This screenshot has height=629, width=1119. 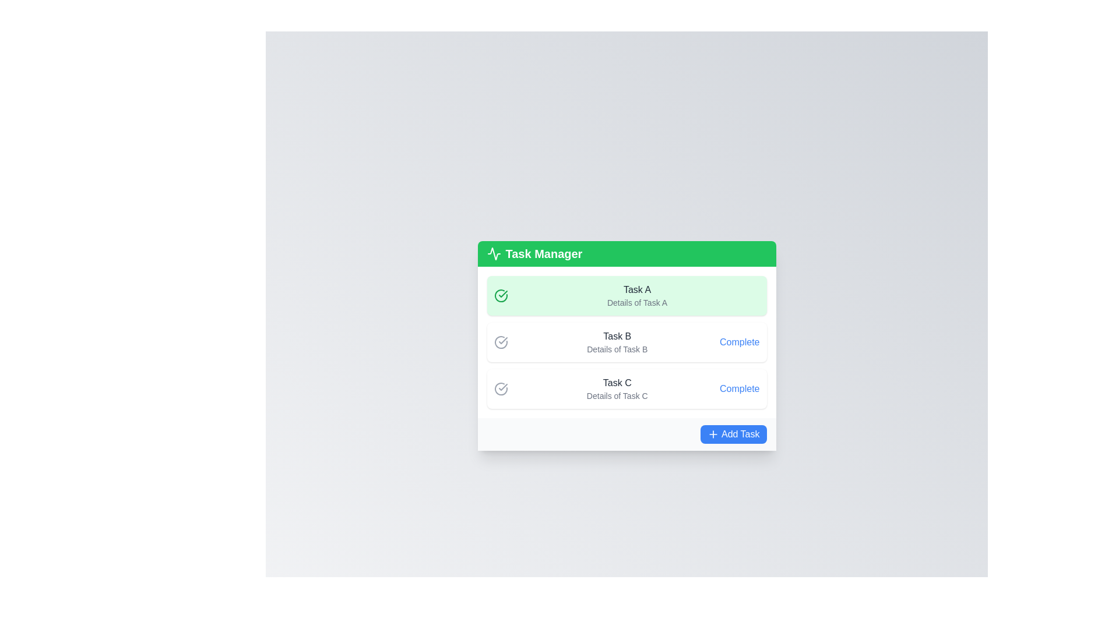 What do you see at coordinates (636, 289) in the screenshot?
I see `text displayed in the bold gray label 'Task A' located at the top of the task manager interface, which is positioned above the descriptive text` at bounding box center [636, 289].